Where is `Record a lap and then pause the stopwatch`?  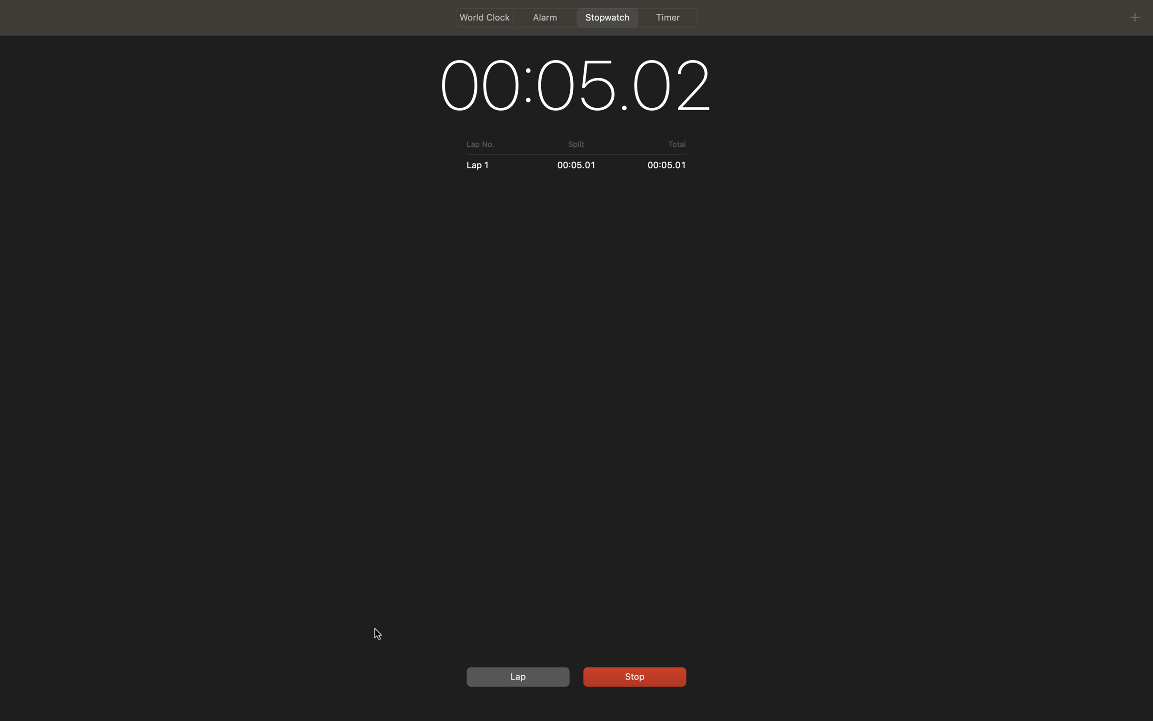 Record a lap and then pause the stopwatch is located at coordinates (516, 676).